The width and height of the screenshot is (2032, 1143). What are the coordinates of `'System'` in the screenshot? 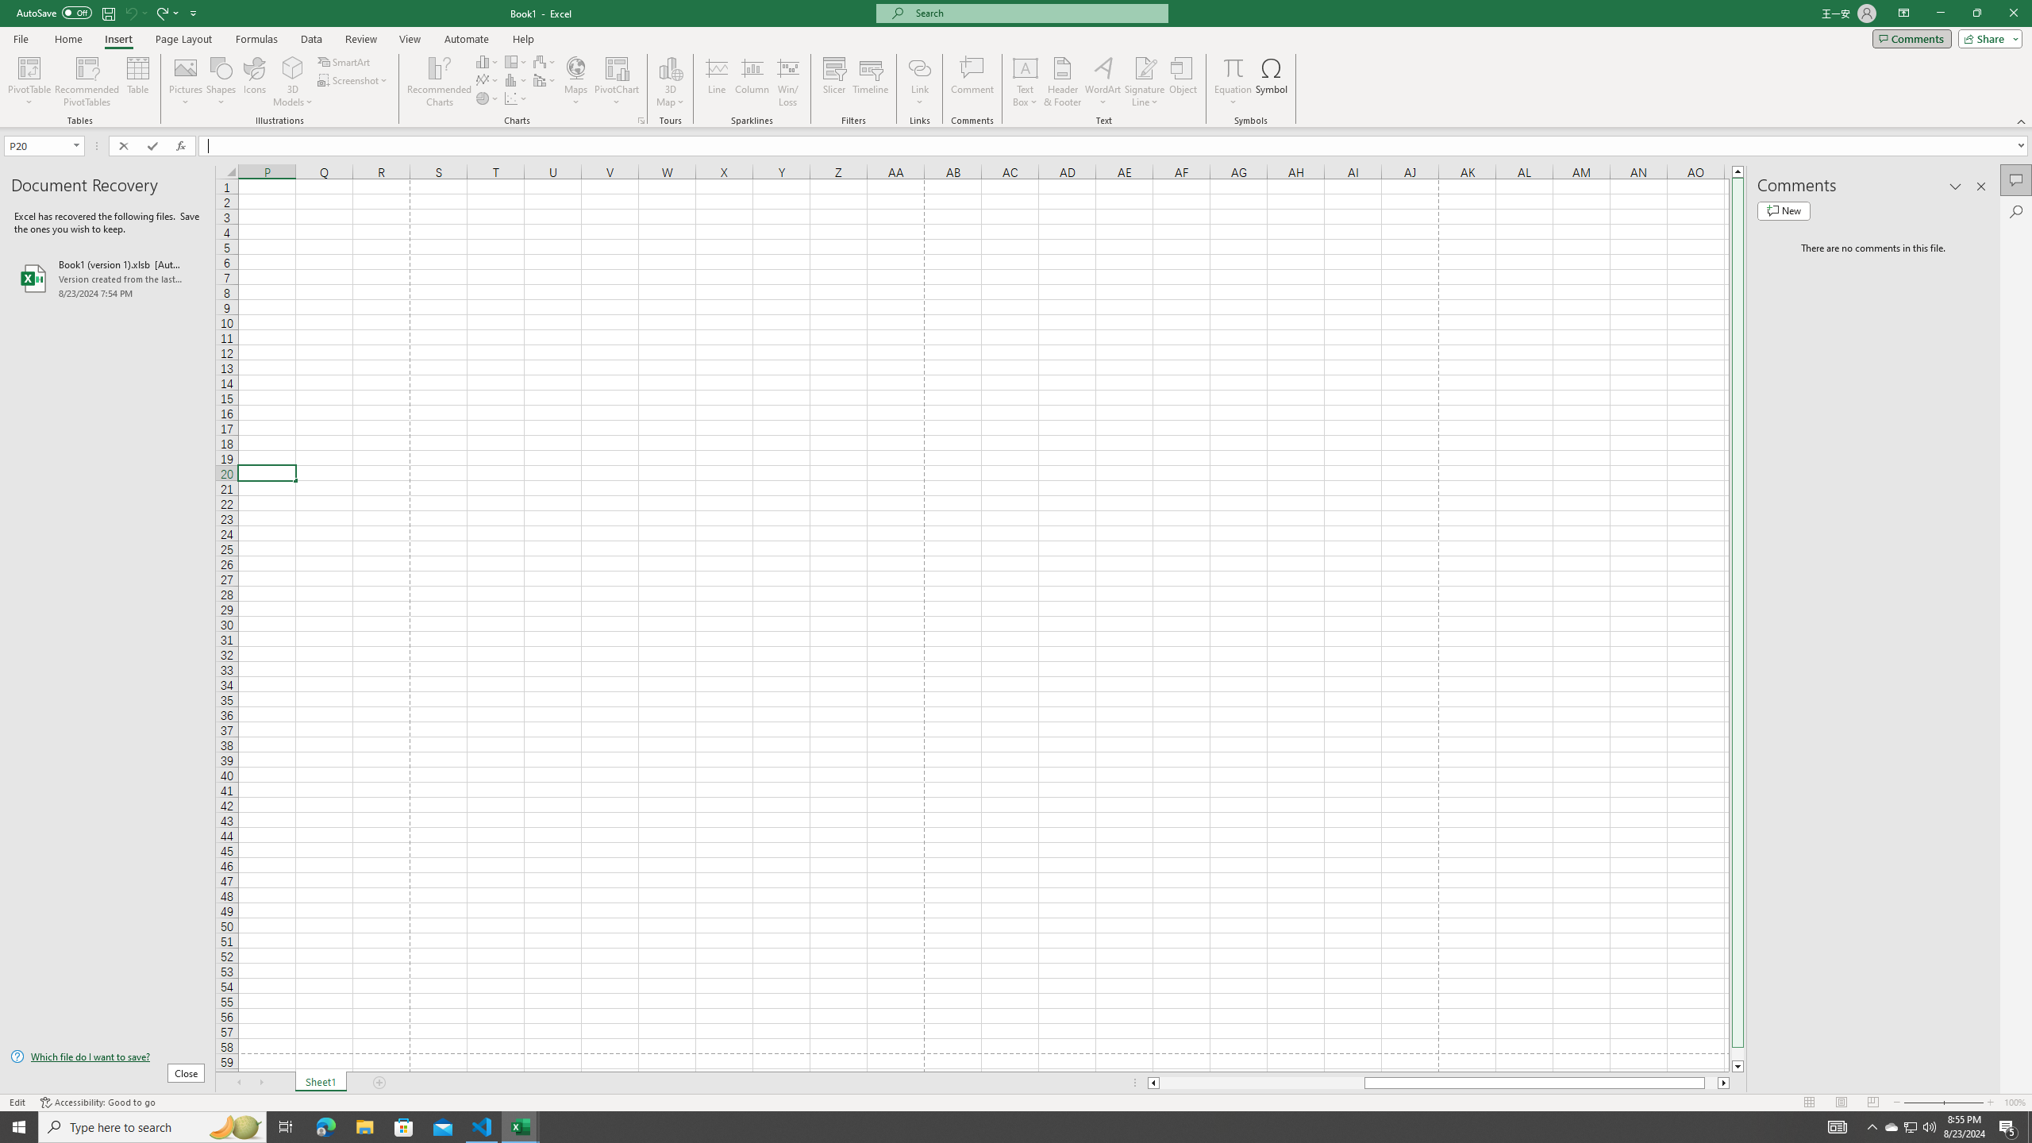 It's located at (9, 7).